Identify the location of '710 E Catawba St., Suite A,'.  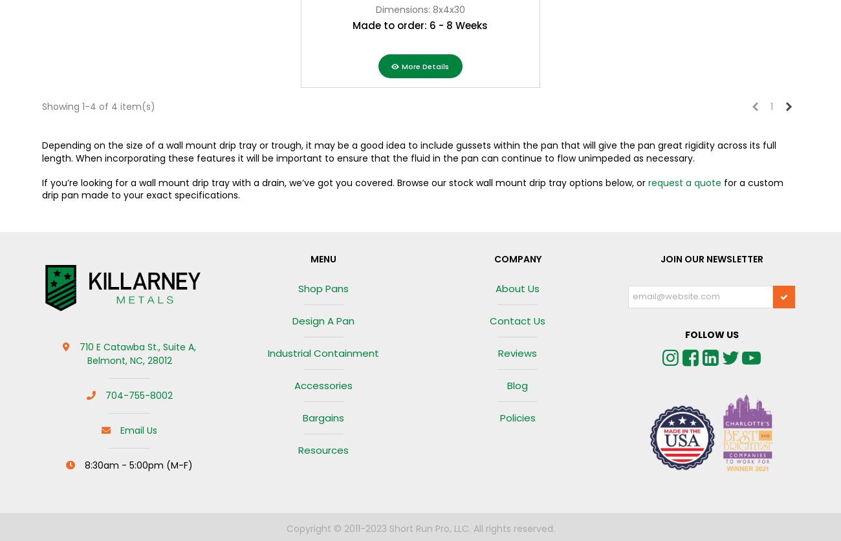
(137, 346).